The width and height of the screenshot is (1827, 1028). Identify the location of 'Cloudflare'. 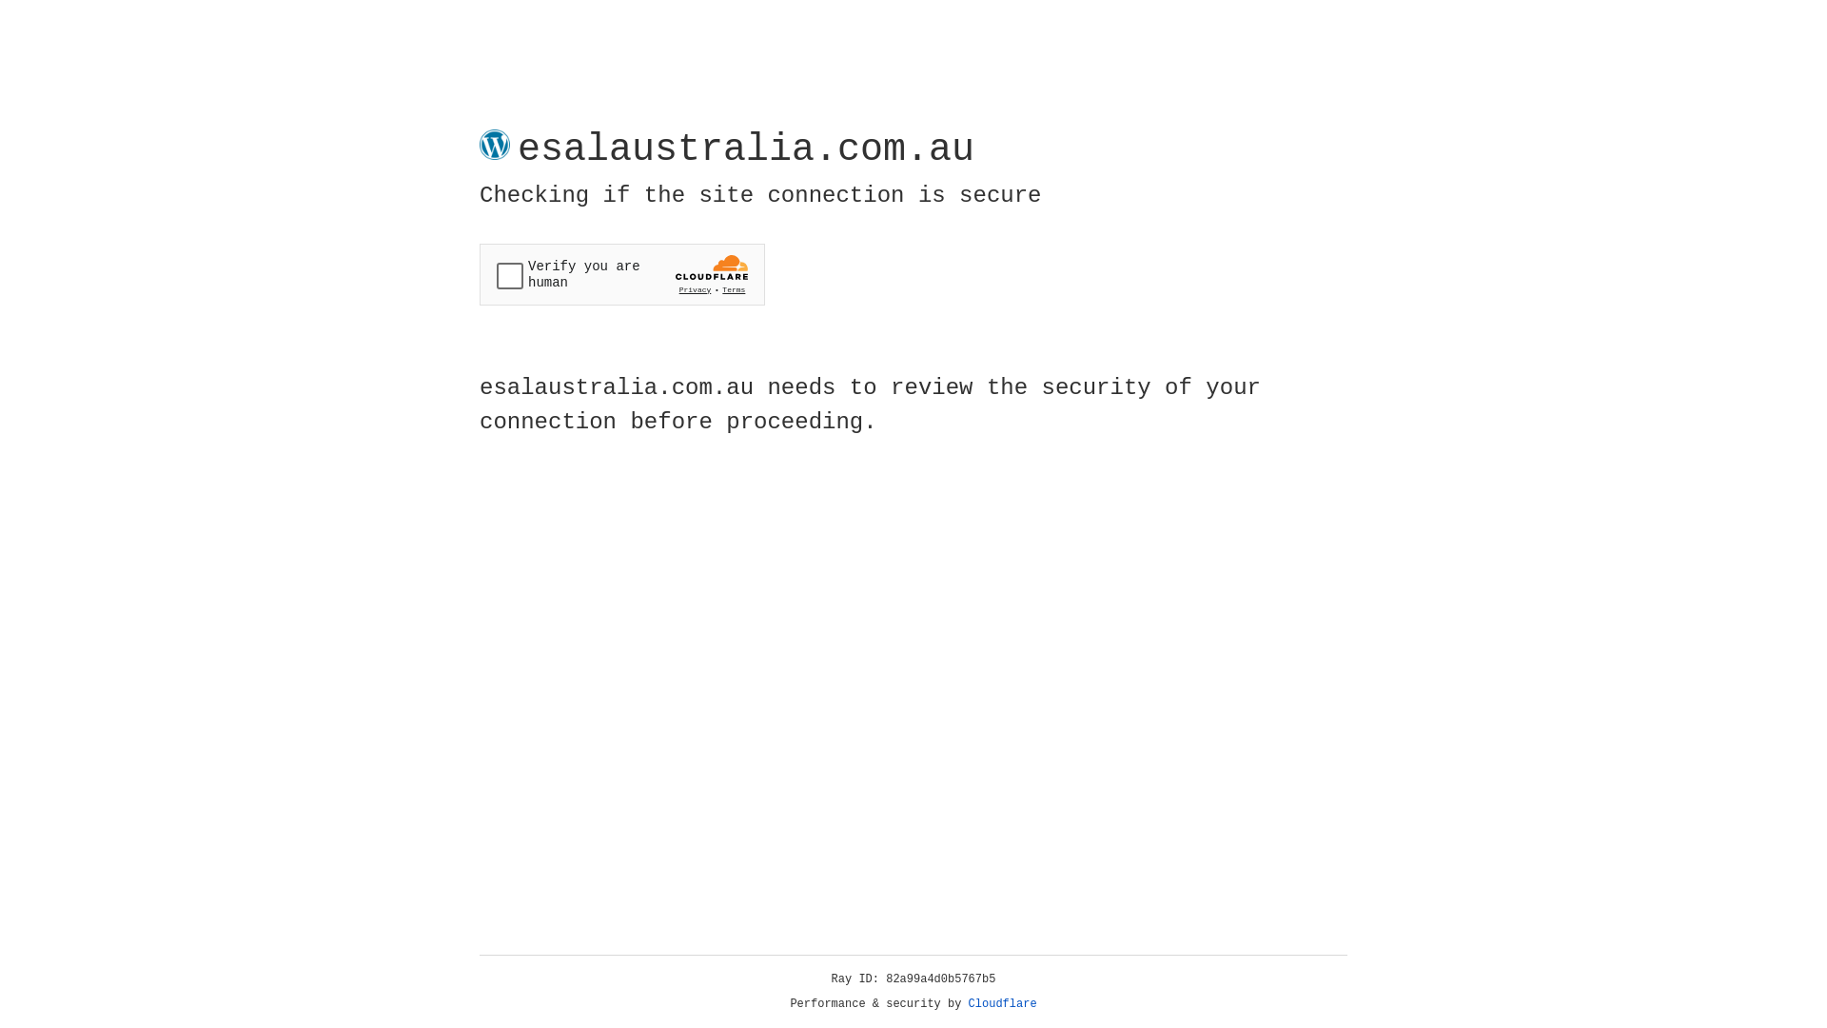
(1002, 1003).